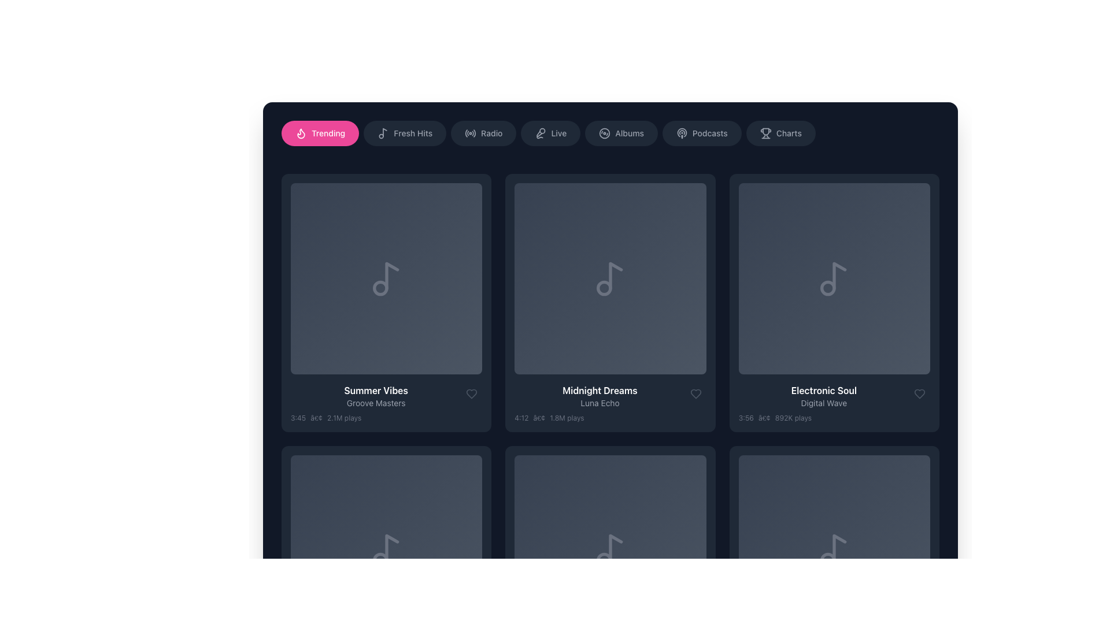  I want to click on the 'Trending' label, which is displayed in a medium-sized font on a pink rounded background, located near the top-left section of the interface, so click(328, 133).